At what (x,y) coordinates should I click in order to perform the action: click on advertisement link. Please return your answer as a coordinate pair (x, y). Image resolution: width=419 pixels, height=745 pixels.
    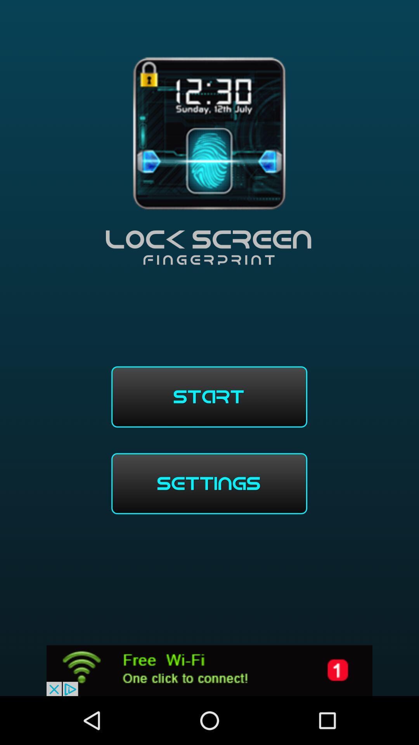
    Looking at the image, I should click on (209, 670).